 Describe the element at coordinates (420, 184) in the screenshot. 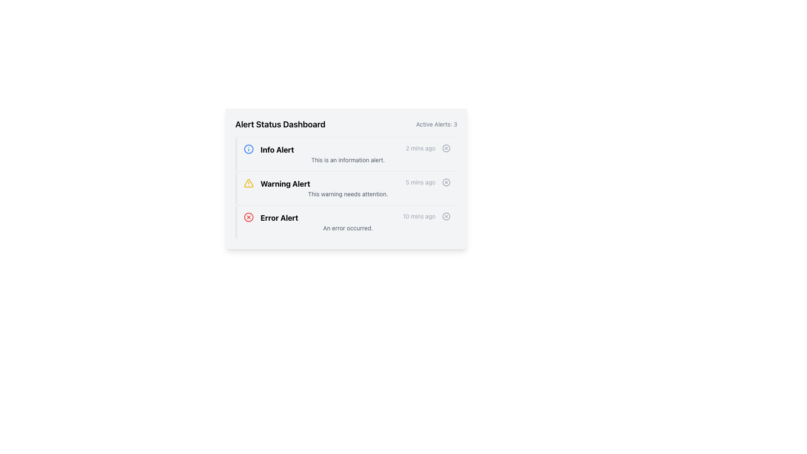

I see `the text displaying the elapsed time since the associated alert occurred, located near the upper-right corner of the row containing the 'Warning Alert' title on the dashboard` at that location.